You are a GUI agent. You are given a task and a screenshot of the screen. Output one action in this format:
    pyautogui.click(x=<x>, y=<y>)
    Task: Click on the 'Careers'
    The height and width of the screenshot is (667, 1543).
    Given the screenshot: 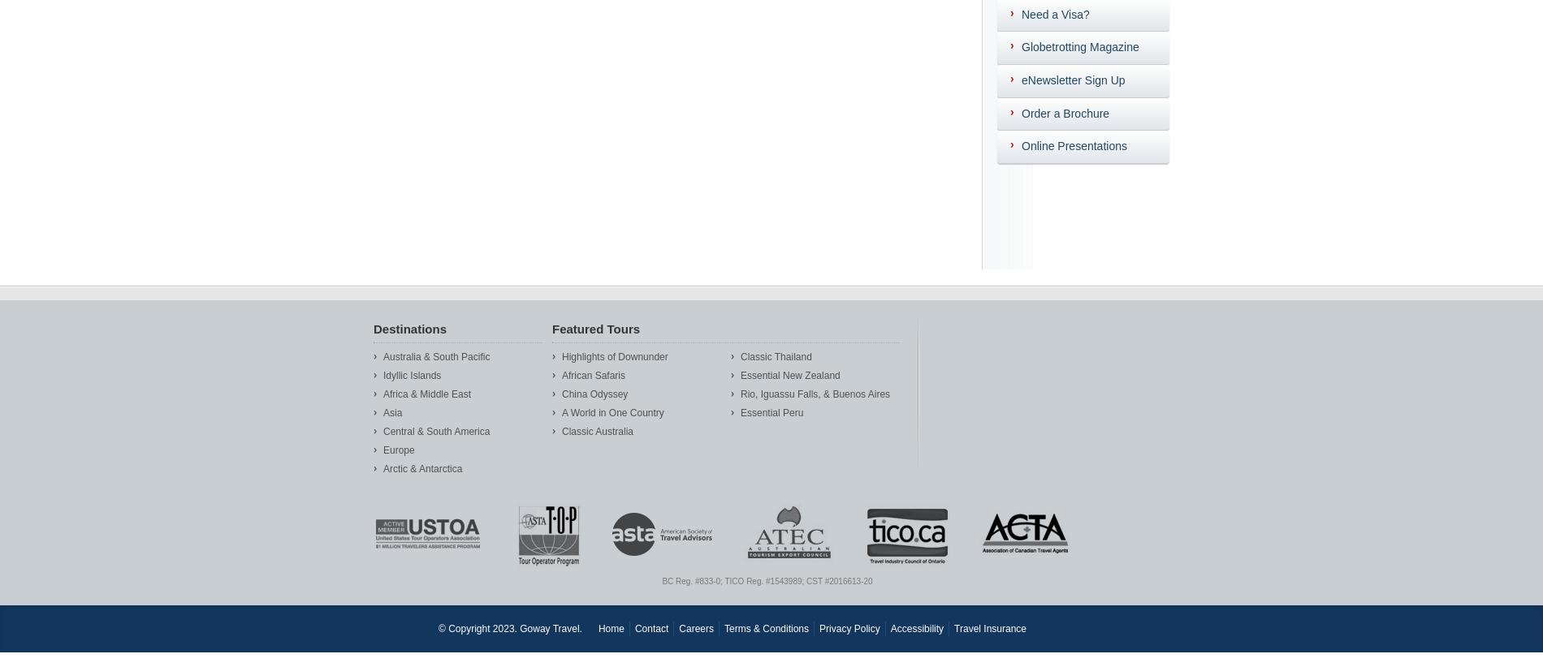 What is the action you would take?
    pyautogui.click(x=678, y=626)
    